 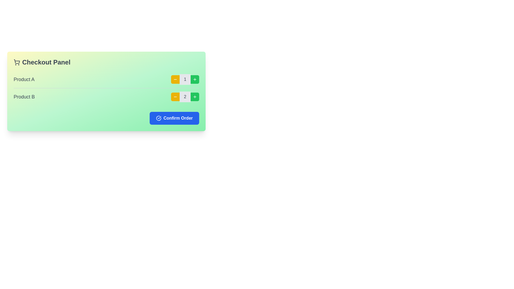 What do you see at coordinates (195, 79) in the screenshot?
I see `the increment button for 'Product A' to observe the color change, which is located immediately right of the gray label showing '1'` at bounding box center [195, 79].